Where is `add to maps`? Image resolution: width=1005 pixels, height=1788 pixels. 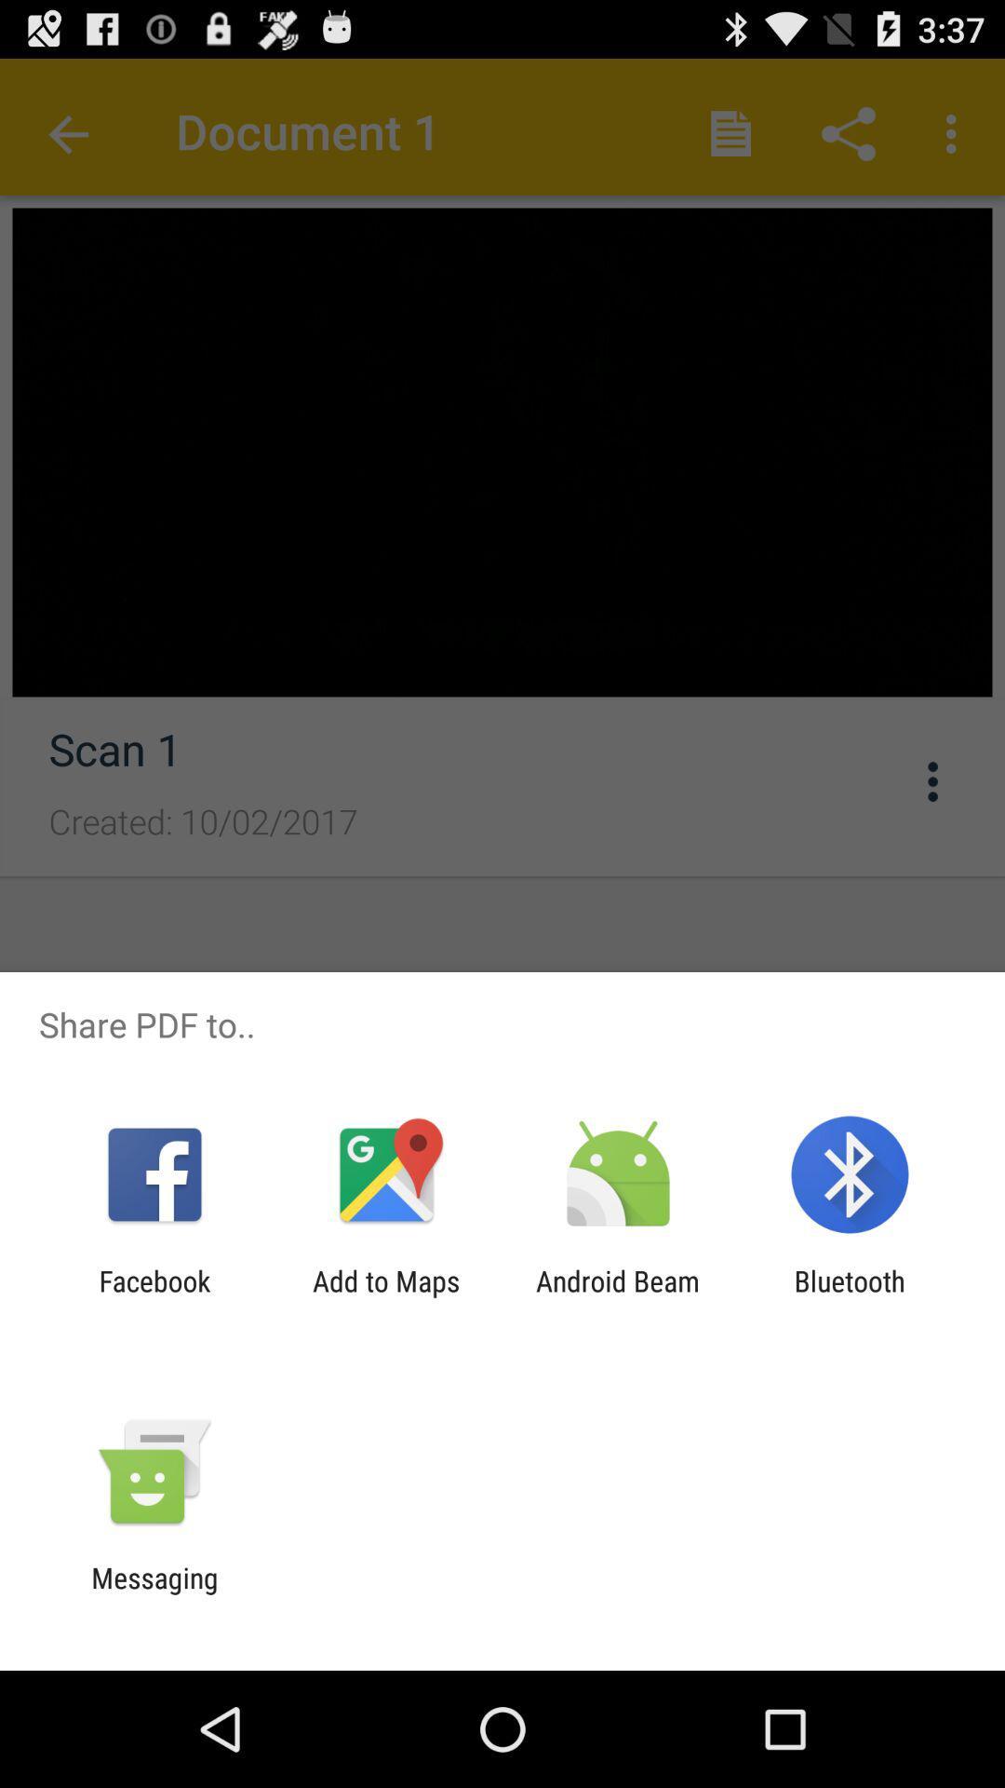 add to maps is located at coordinates (385, 1296).